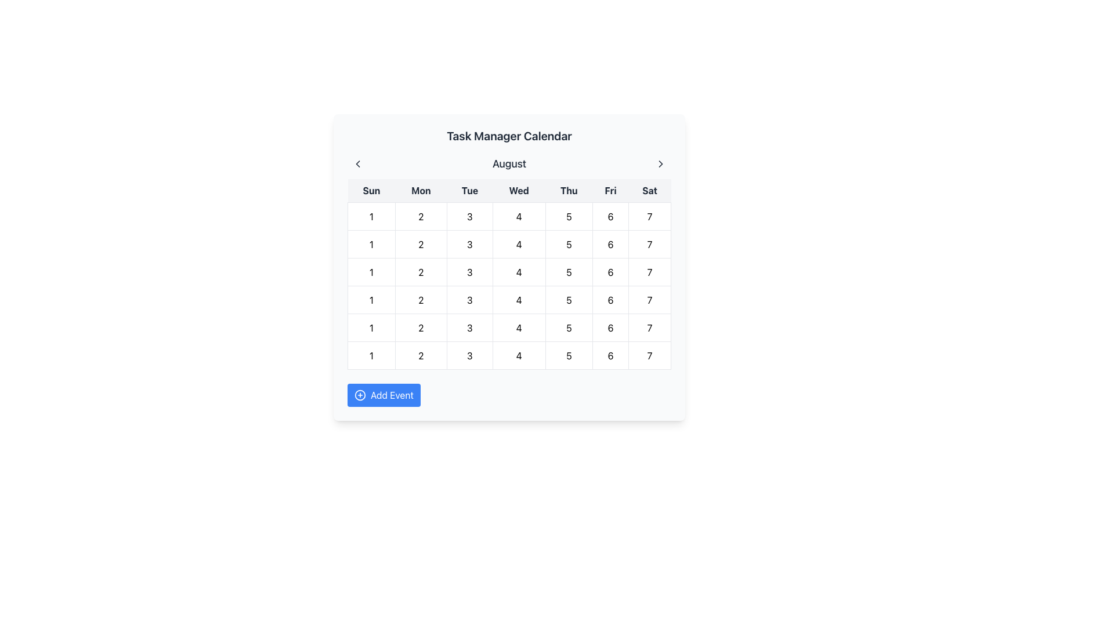 The image size is (1114, 626). What do you see at coordinates (518, 243) in the screenshot?
I see `the Calendar Cell representing the date '4'` at bounding box center [518, 243].